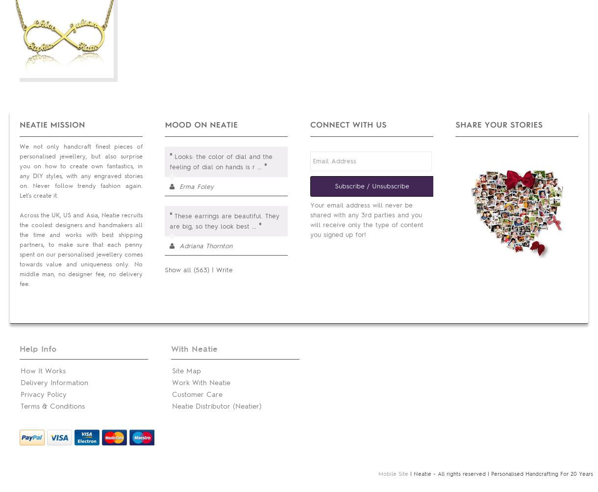  I want to click on 'Wish List', so click(528, 394).